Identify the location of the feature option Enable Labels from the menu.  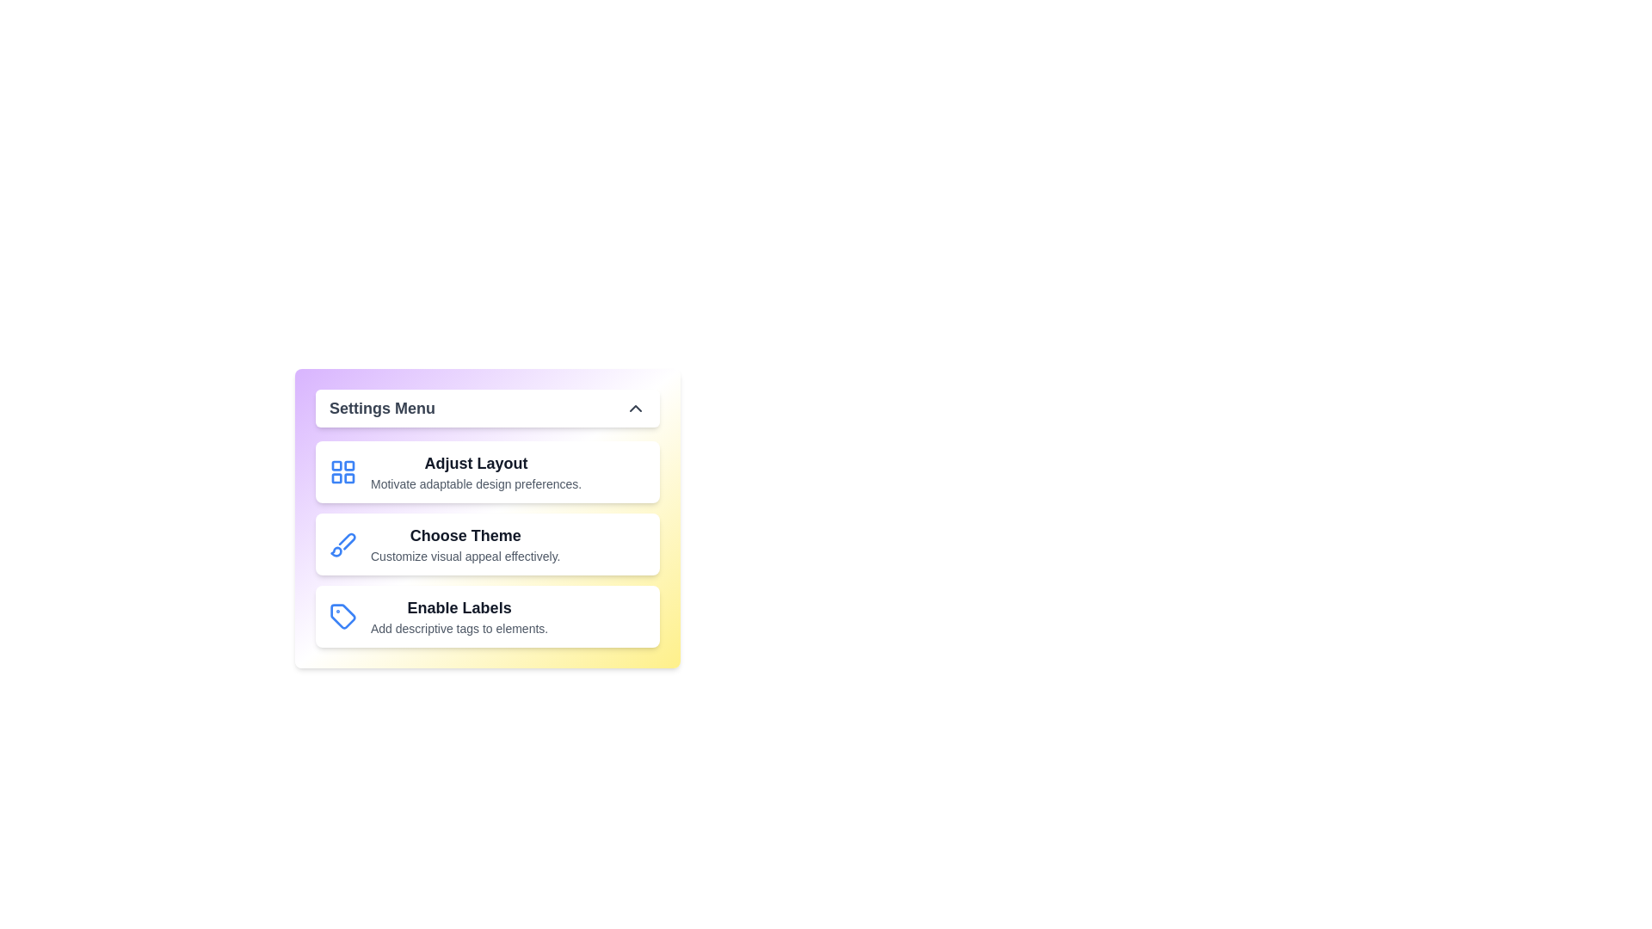
(486, 616).